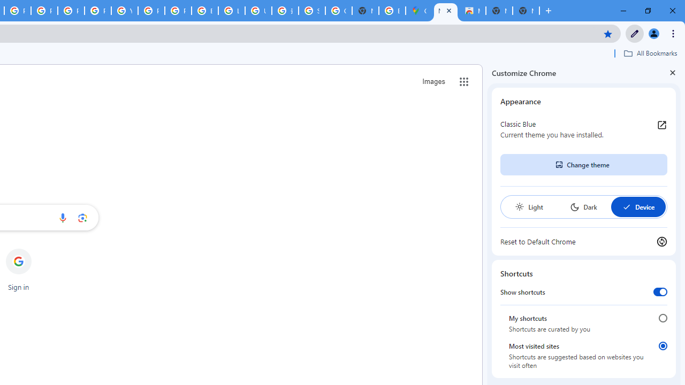 This screenshot has width=685, height=385. What do you see at coordinates (583, 207) in the screenshot?
I see `'Dark'` at bounding box center [583, 207].